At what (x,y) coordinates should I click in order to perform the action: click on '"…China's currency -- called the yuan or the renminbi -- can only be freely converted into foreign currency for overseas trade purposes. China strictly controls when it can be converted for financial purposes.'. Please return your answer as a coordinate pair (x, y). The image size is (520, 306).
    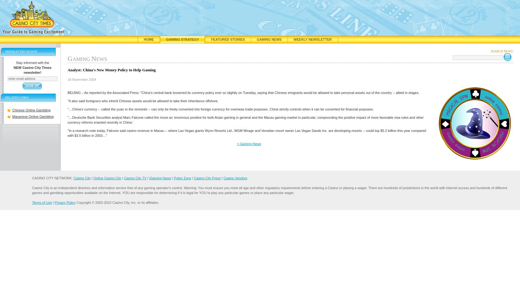
    Looking at the image, I should click on (220, 109).